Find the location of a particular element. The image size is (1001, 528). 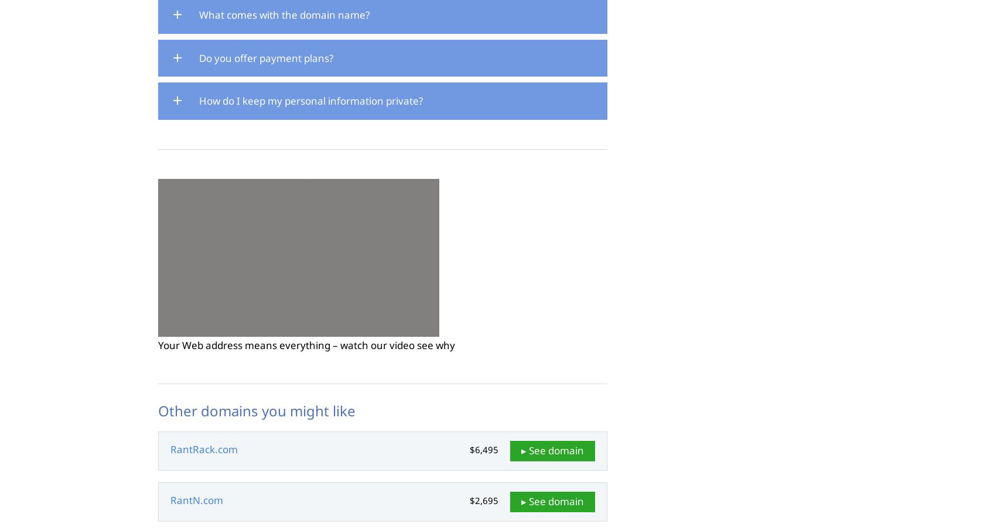

'$6,495' is located at coordinates (483, 449).